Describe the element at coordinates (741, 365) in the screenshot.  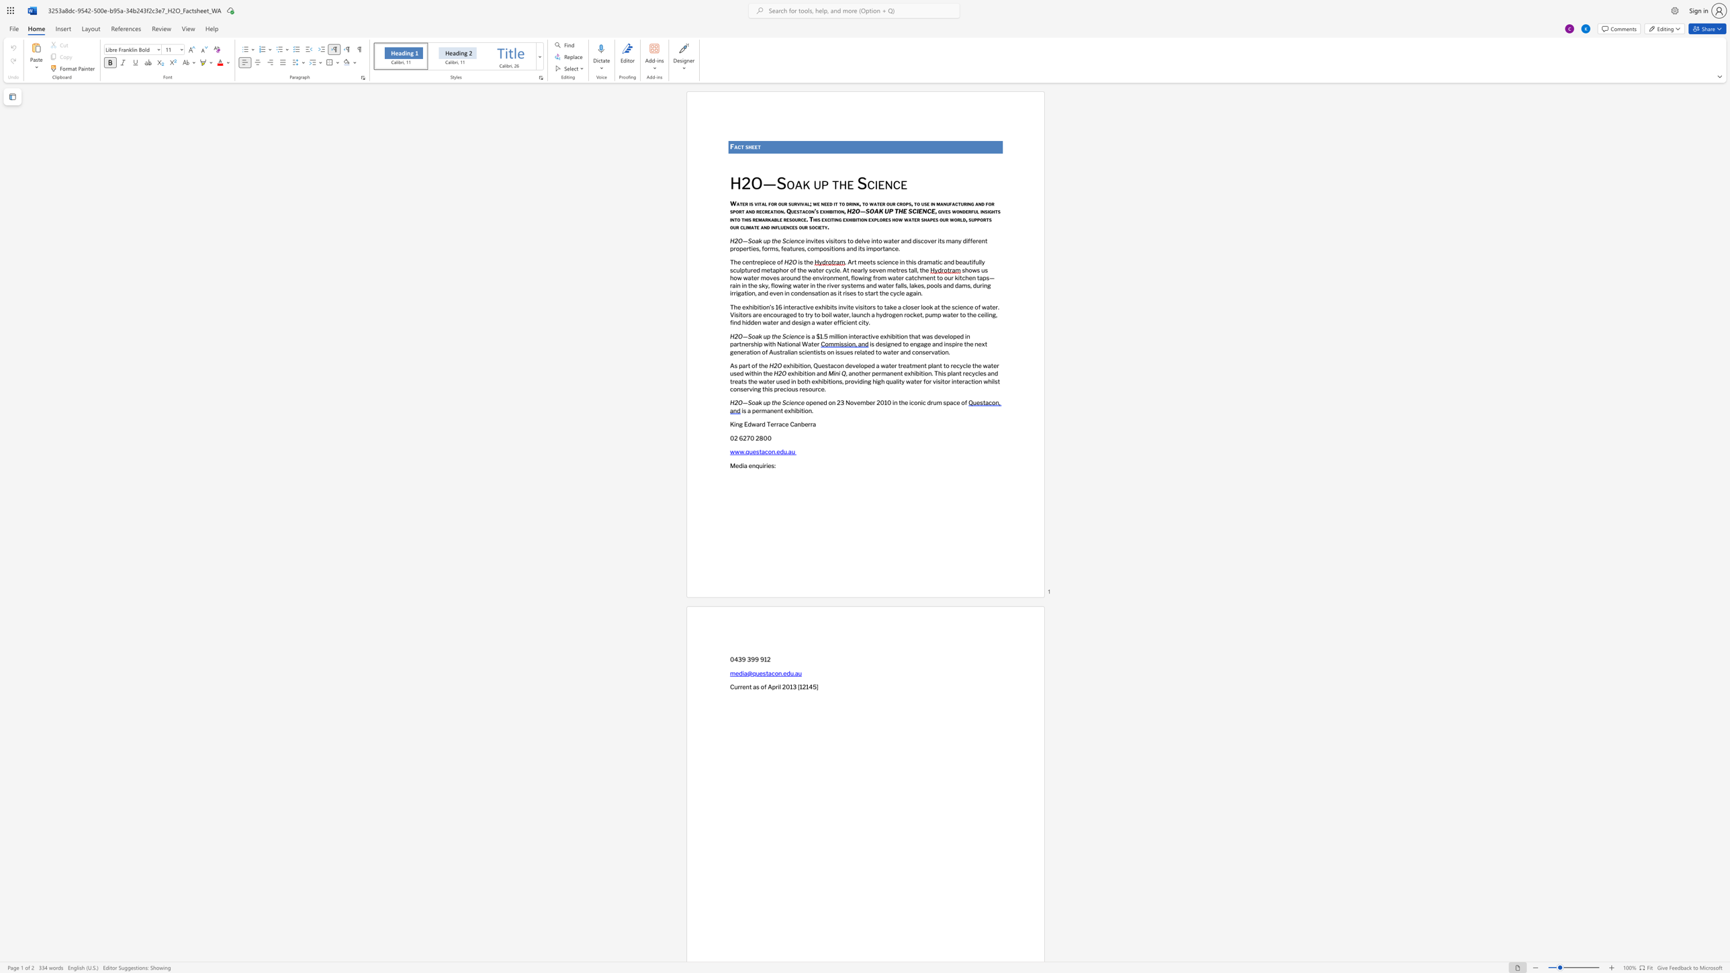
I see `the subset text "art o" within the text "As part of the"` at that location.